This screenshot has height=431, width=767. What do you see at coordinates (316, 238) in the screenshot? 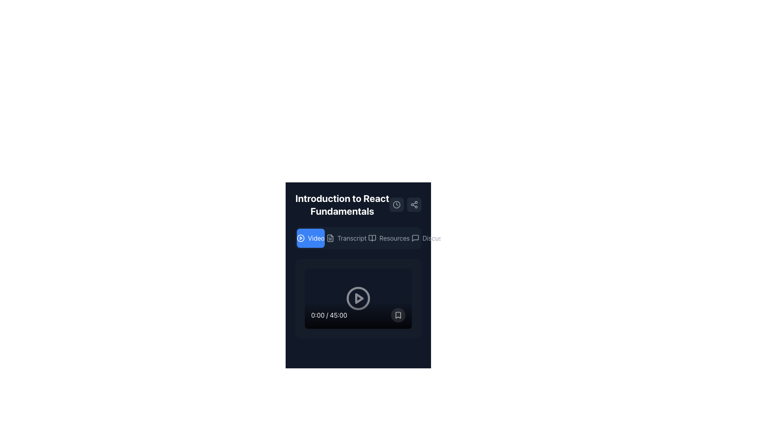
I see `the bold text label 'Video' within the button interface` at bounding box center [316, 238].